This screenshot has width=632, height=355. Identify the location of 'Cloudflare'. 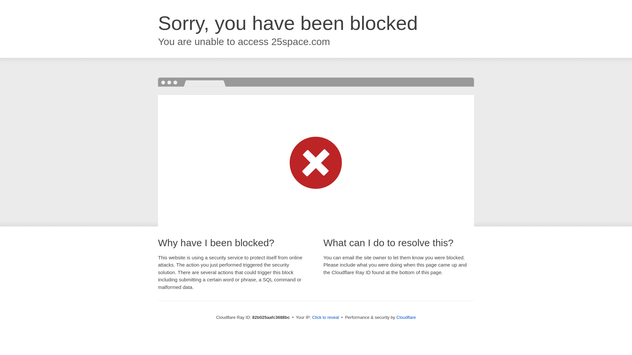
(406, 317).